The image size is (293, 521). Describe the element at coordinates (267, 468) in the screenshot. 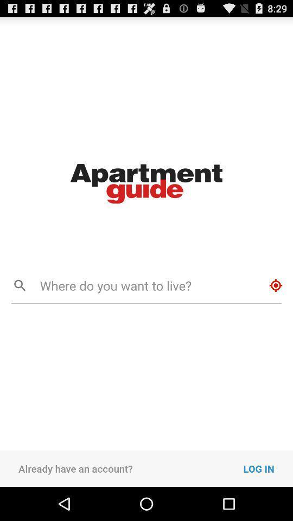

I see `log in` at that location.